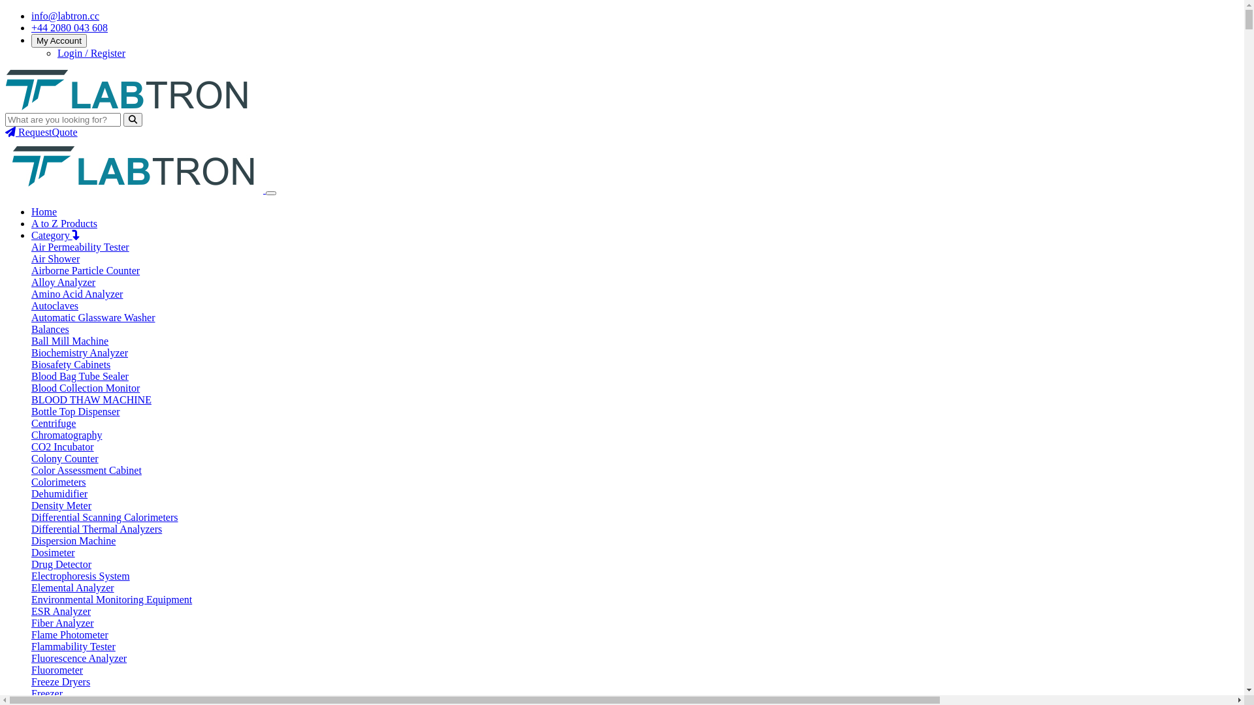 This screenshot has height=705, width=1254. Describe the element at coordinates (80, 247) in the screenshot. I see `'Air Permeability Tester'` at that location.